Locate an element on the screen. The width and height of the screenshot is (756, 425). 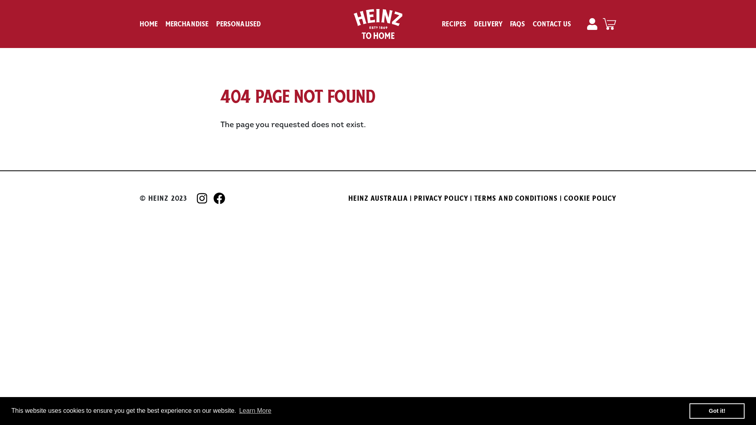
'Recipes' is located at coordinates (454, 24).